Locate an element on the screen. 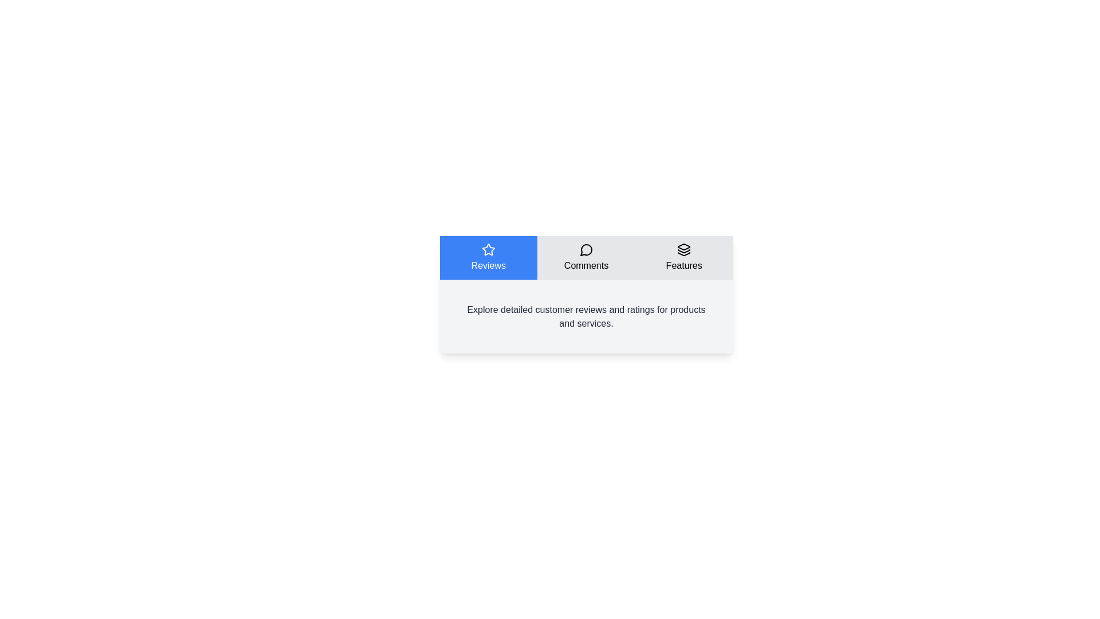  the tab labeled Features by clicking on it is located at coordinates (684, 258).